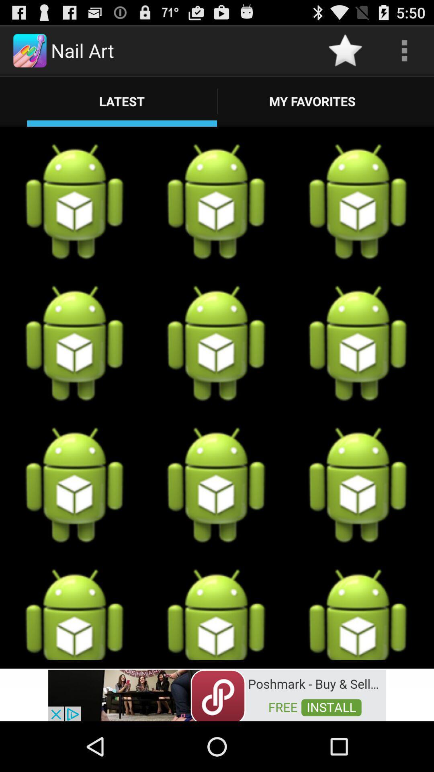 The width and height of the screenshot is (434, 772). I want to click on the 2nd android  in the 2nd row 2nd column, so click(216, 343).